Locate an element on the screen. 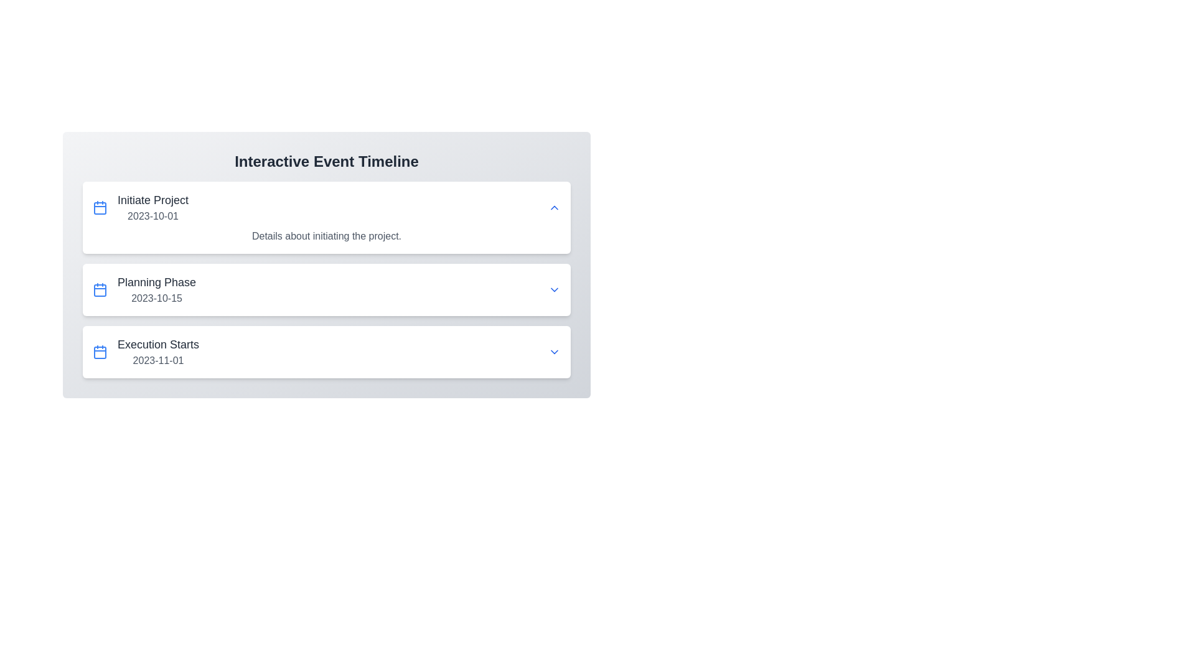 The image size is (1195, 672). the text block containing 'Initiate Project' and the date '2023-10-01' to associate the date with the event is located at coordinates (140, 207).